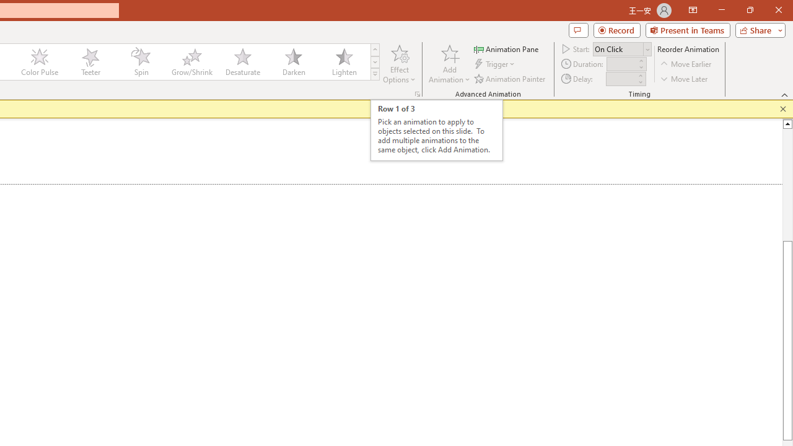  Describe the element at coordinates (374, 62) in the screenshot. I see `'Row Down'` at that location.